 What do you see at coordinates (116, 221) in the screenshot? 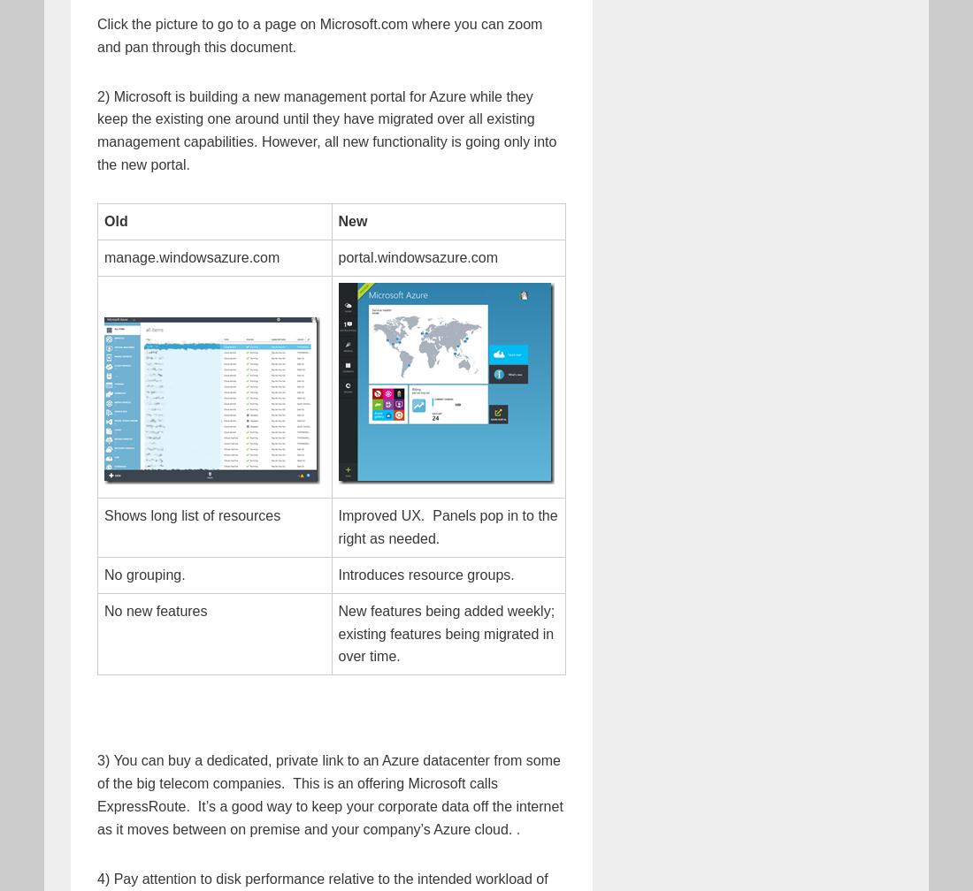
I see `'Old'` at bounding box center [116, 221].